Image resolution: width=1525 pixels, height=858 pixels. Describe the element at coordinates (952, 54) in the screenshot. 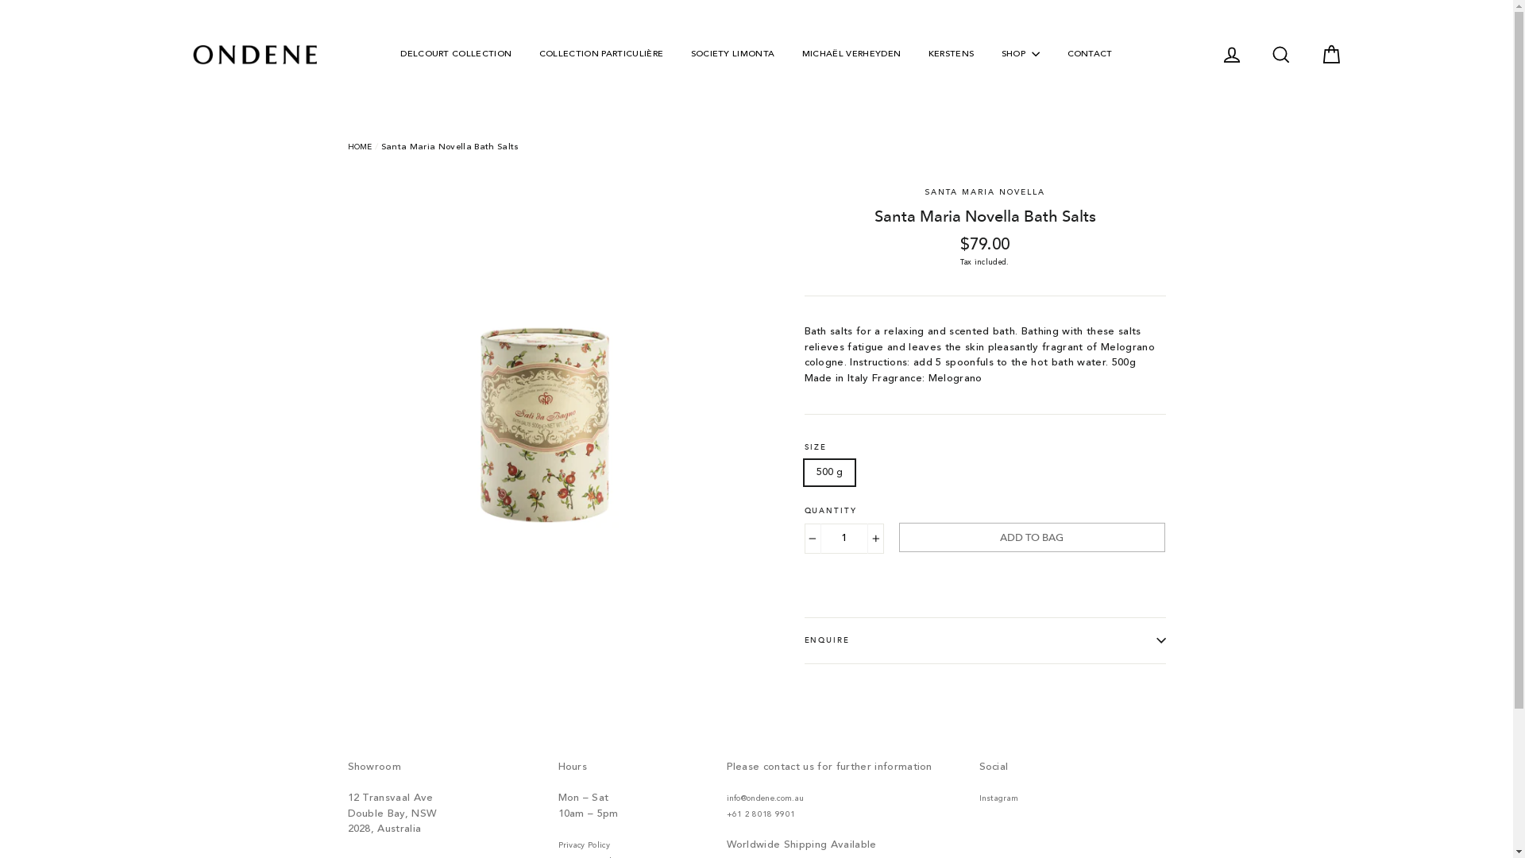

I see `'KERSTENS'` at that location.